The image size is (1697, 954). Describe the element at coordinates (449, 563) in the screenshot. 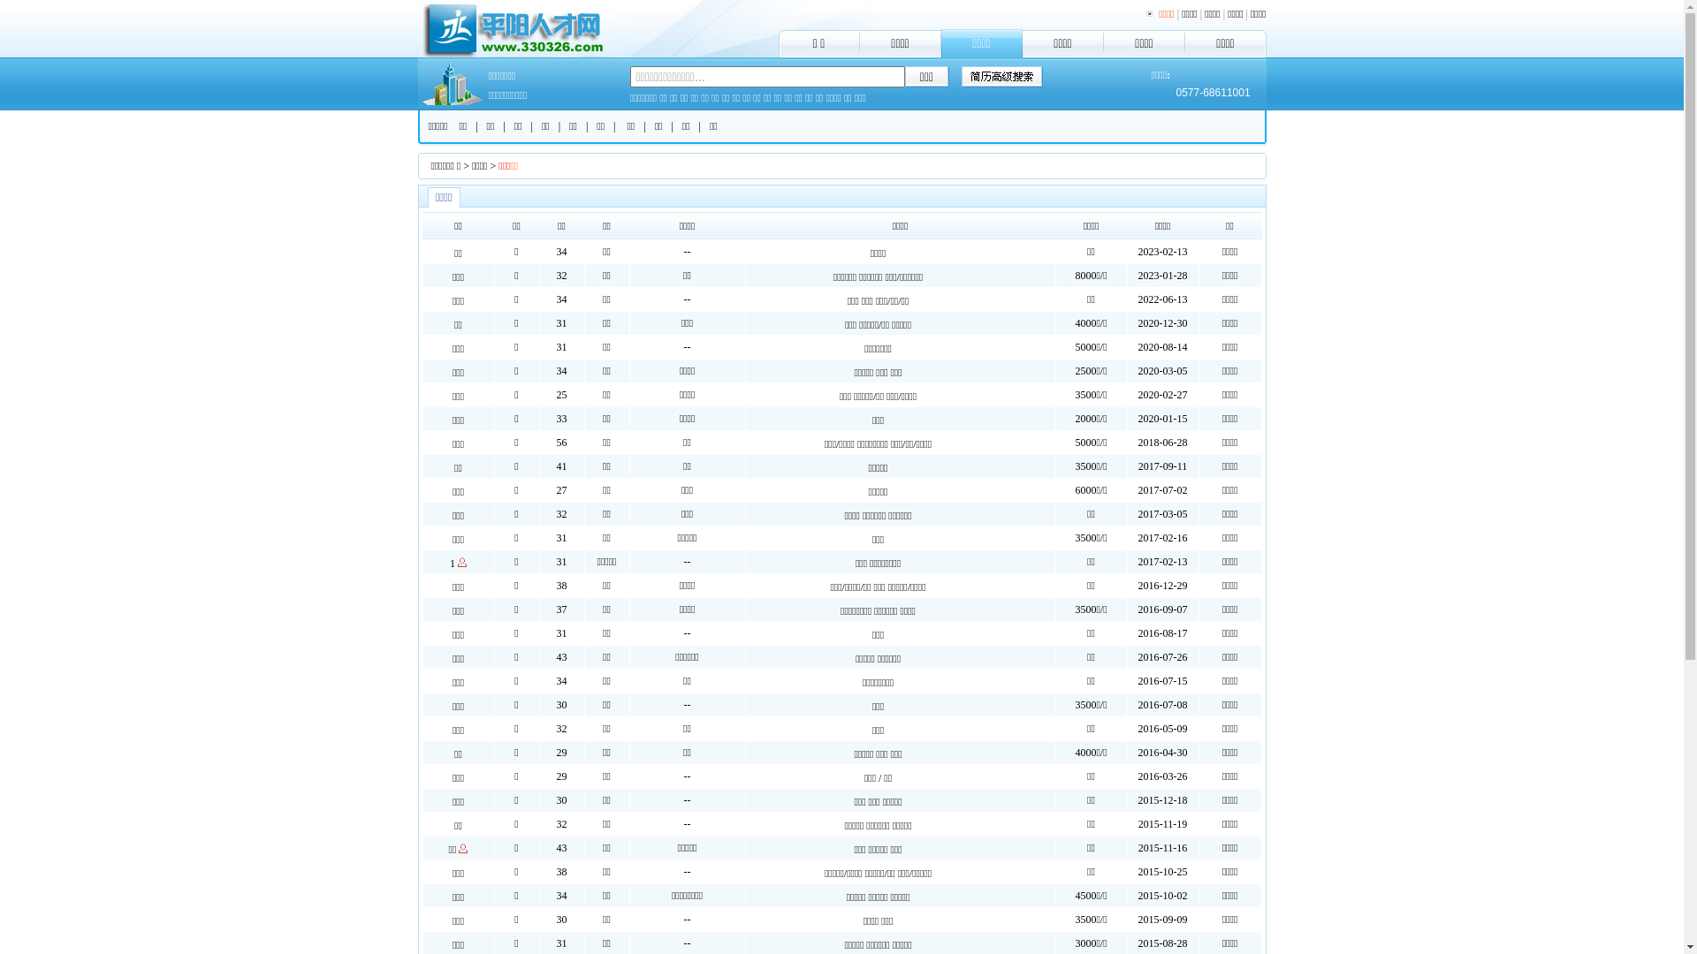

I see `'1'` at that location.